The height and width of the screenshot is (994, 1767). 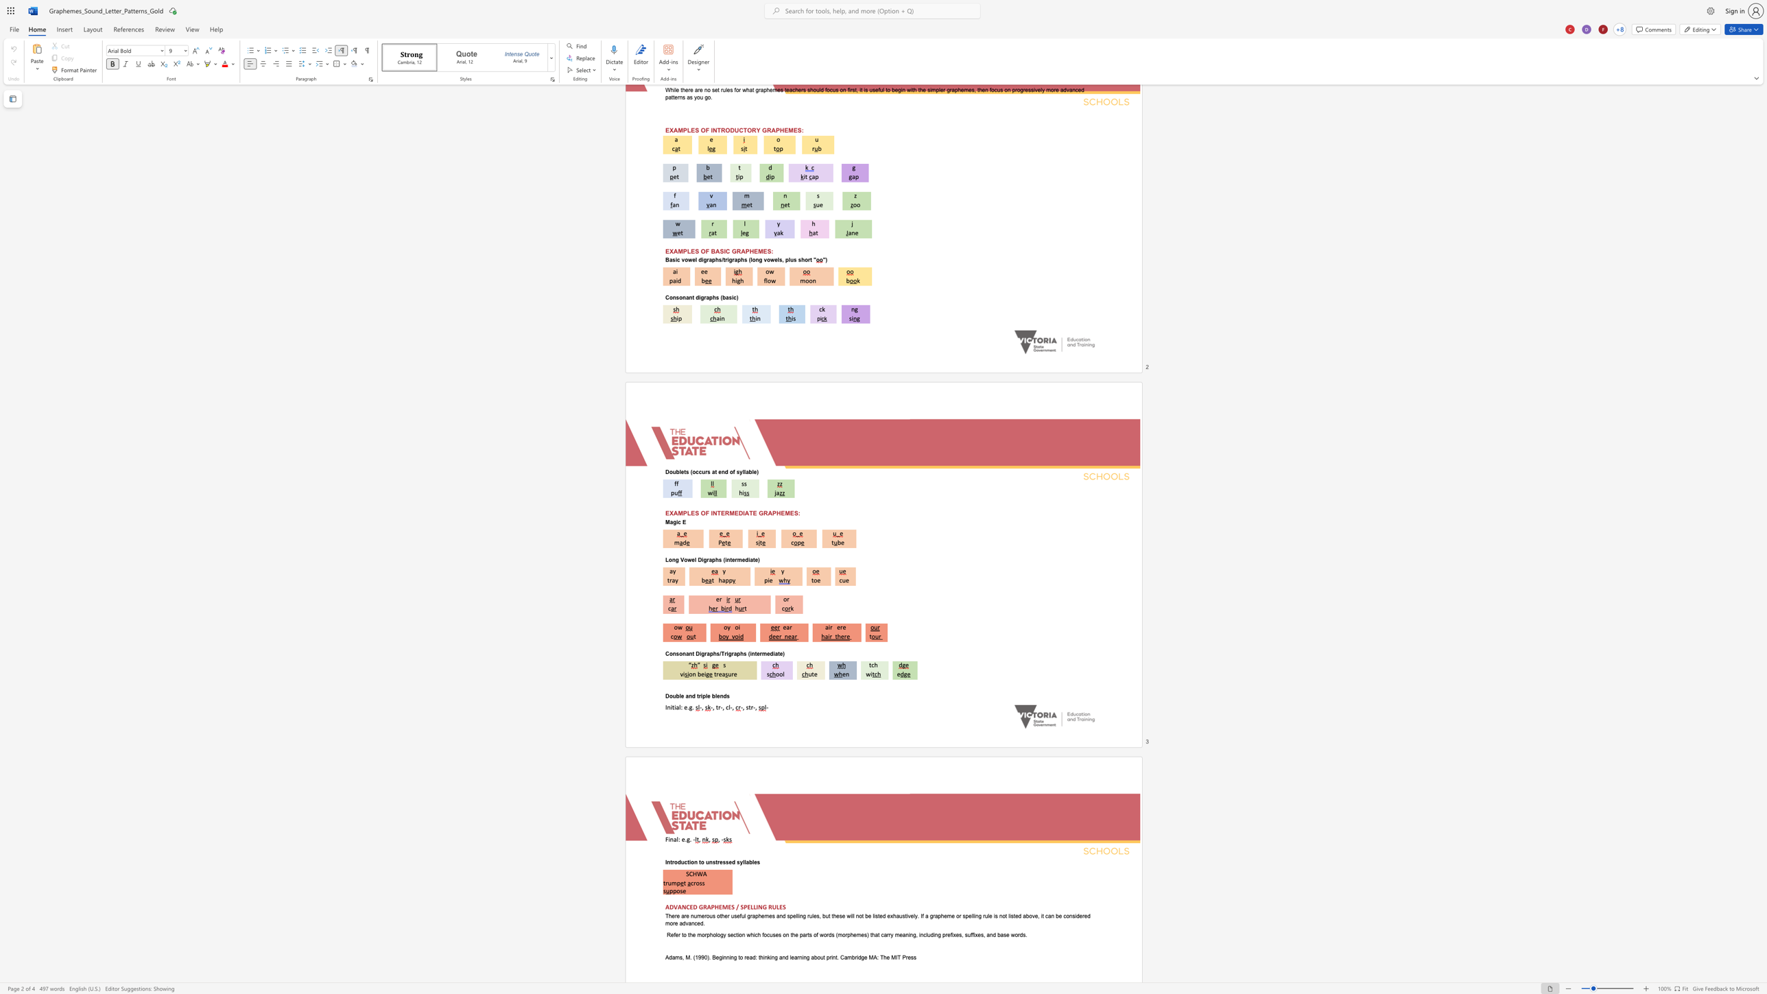 What do you see at coordinates (704, 695) in the screenshot?
I see `the space between the continuous character "p" and "l" in the text` at bounding box center [704, 695].